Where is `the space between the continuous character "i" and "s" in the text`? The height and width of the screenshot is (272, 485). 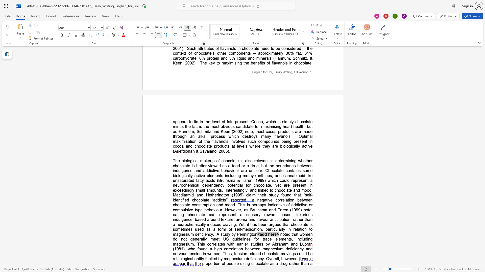 the space between the continuous character "i" and "s" in the text is located at coordinates (241, 161).